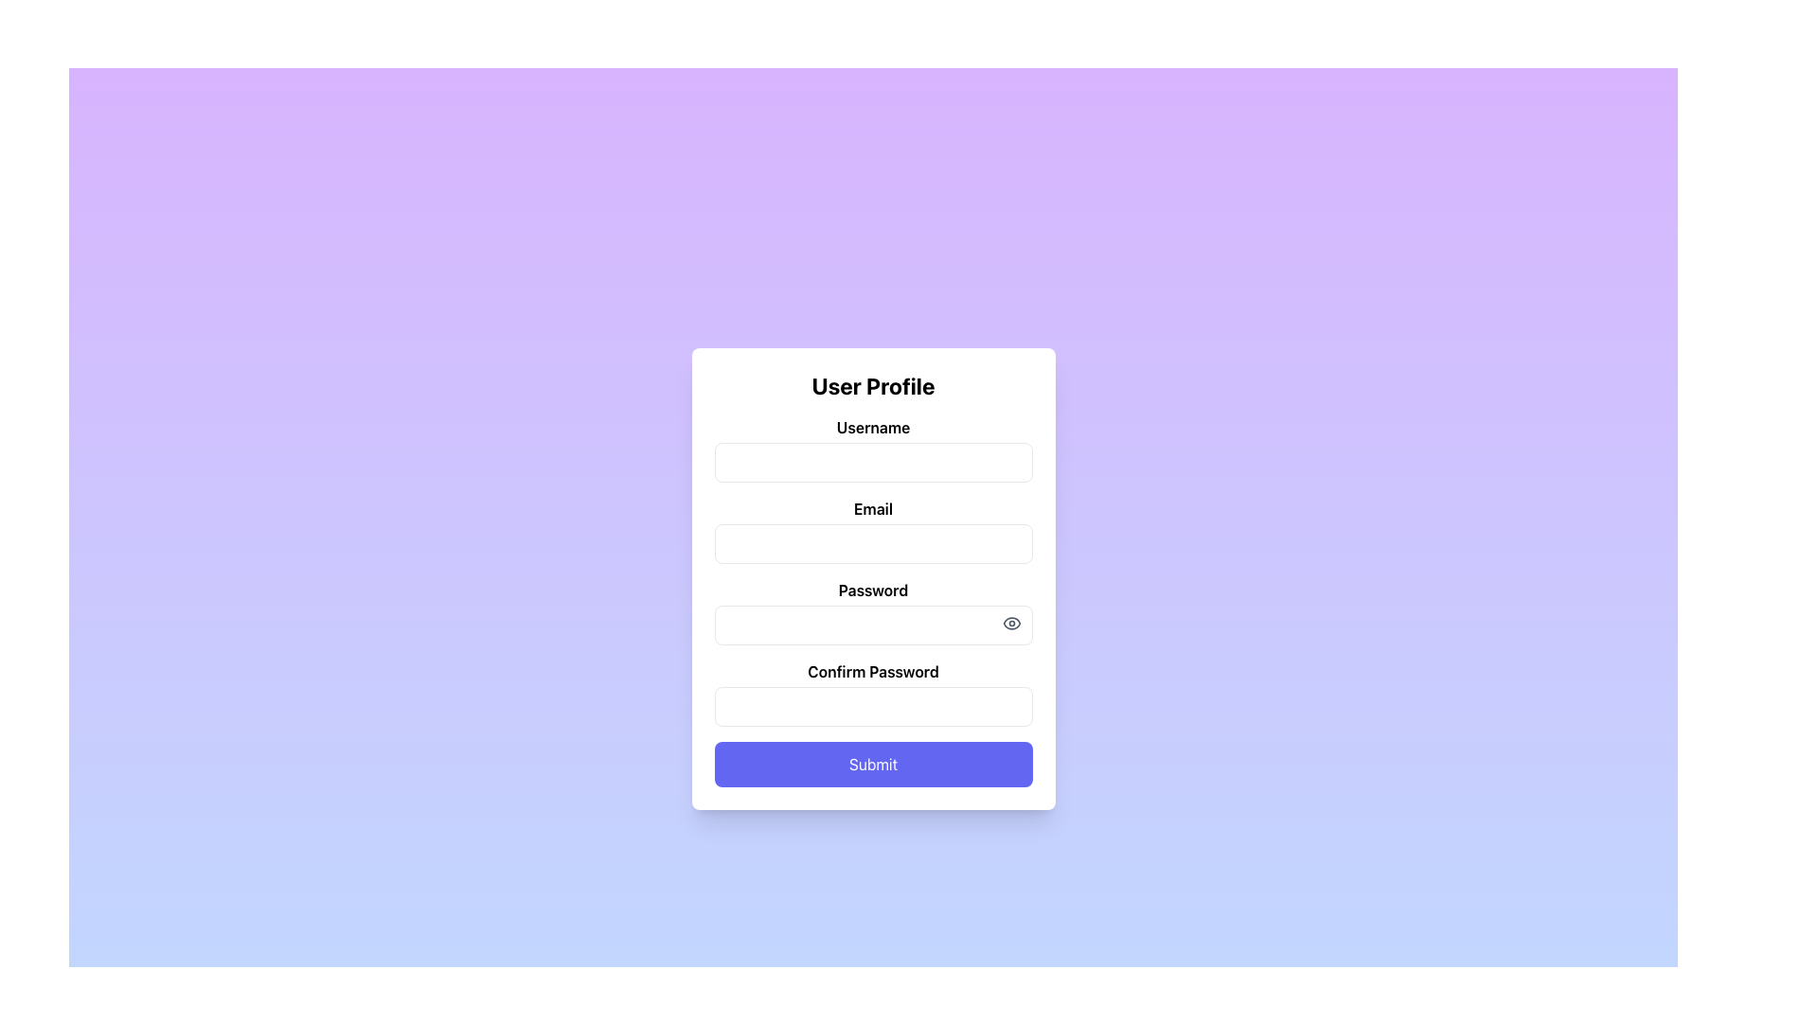 The width and height of the screenshot is (1818, 1022). What do you see at coordinates (872, 612) in the screenshot?
I see `the Password input field to focus on it, which is labeled 'Password' and located beneath the 'Email' field` at bounding box center [872, 612].